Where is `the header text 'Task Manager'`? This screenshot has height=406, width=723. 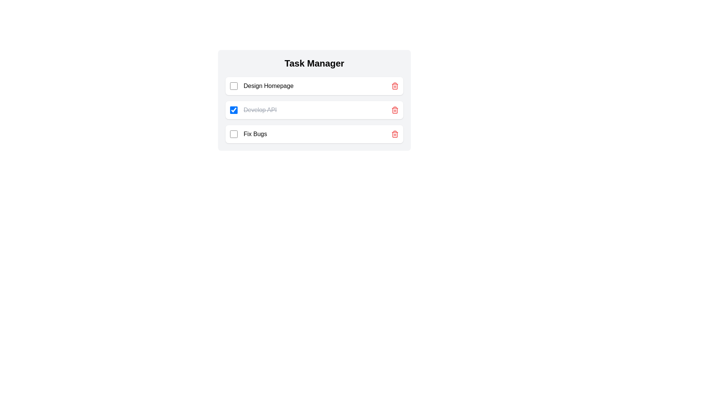 the header text 'Task Manager' is located at coordinates (314, 63).